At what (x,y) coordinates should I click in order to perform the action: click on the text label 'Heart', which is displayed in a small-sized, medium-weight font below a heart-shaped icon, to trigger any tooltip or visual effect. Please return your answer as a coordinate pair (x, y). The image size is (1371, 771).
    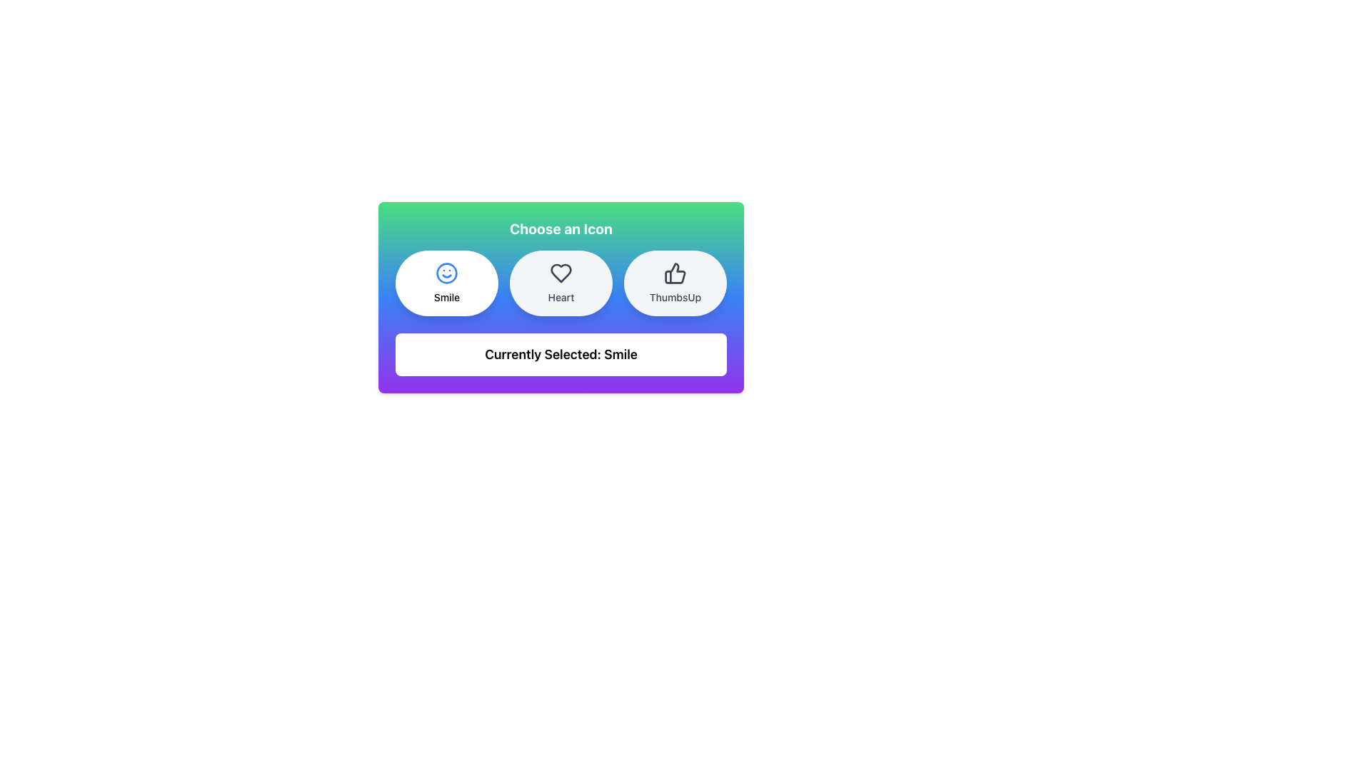
    Looking at the image, I should click on (561, 296).